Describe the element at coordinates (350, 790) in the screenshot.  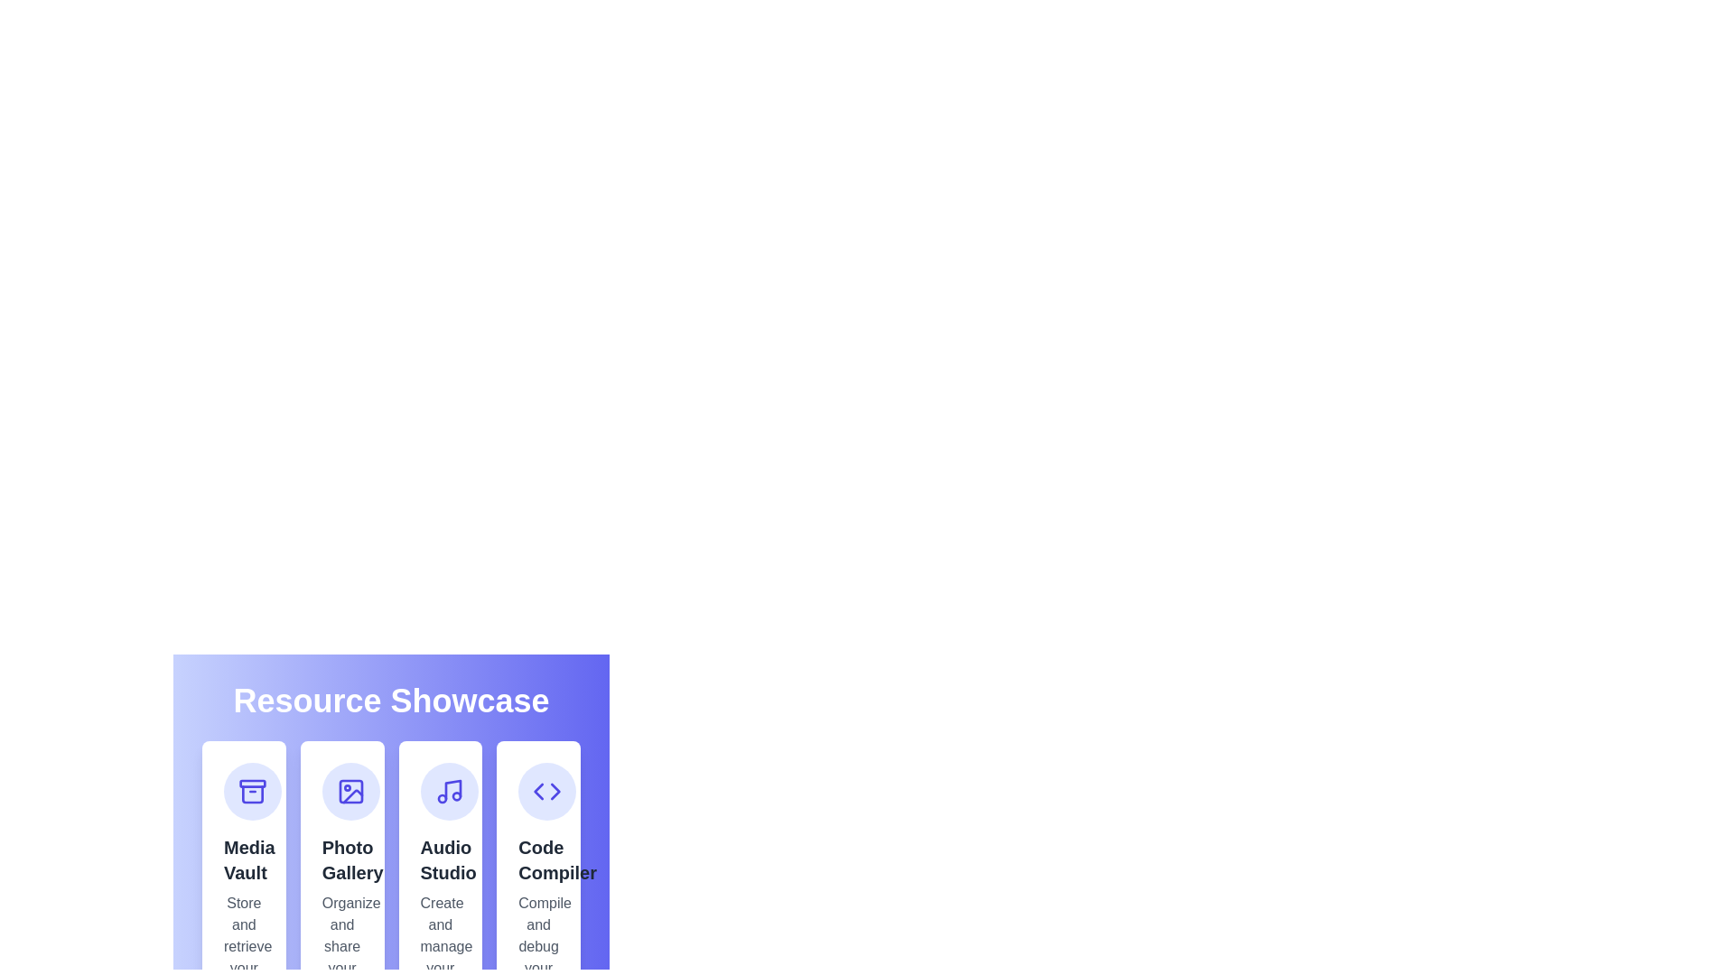
I see `the bluish-purple photographic image icon located second from the left in the horizontal row of circular icons within the 'Resource Showcase' section` at that location.